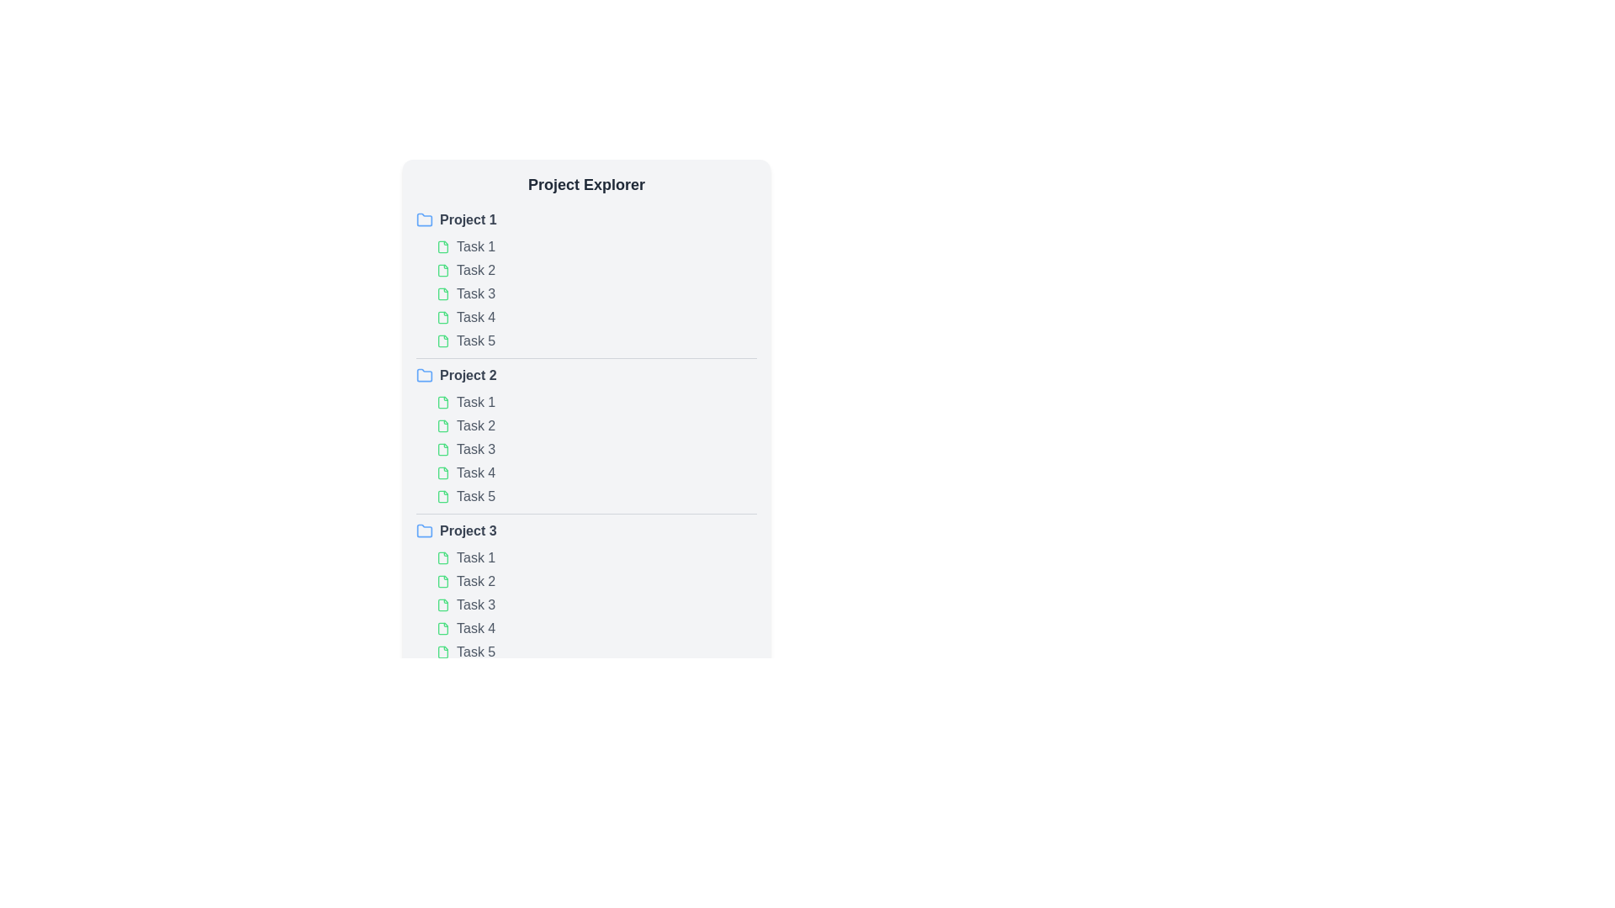 The height and width of the screenshot is (908, 1615). Describe the element at coordinates (443, 629) in the screenshot. I see `the SVG icon representing Task 4 in Project 3` at that location.